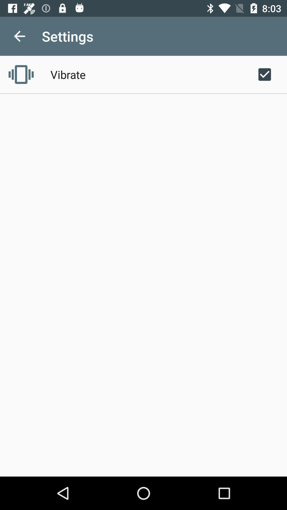 The image size is (287, 510). What do you see at coordinates (68, 74) in the screenshot?
I see `icon below the settings app` at bounding box center [68, 74].